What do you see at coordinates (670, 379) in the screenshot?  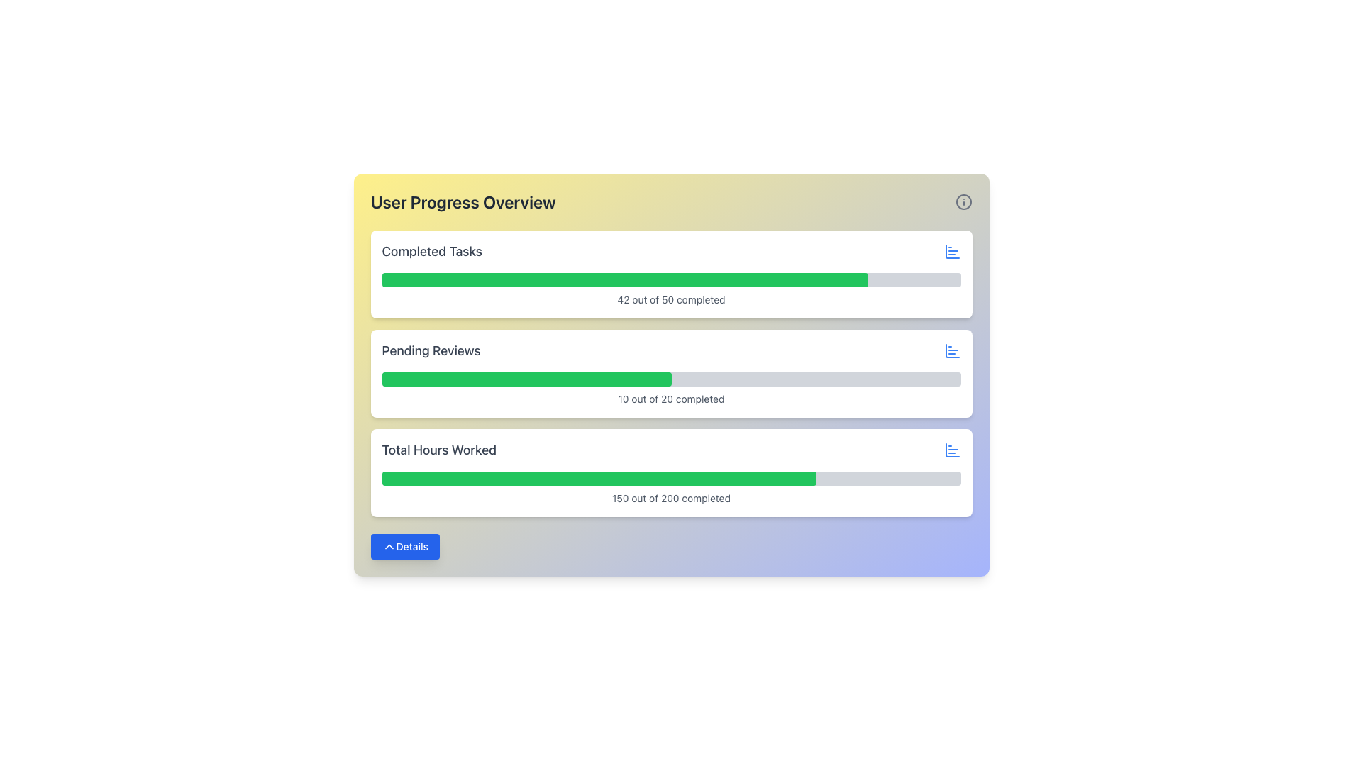 I see `the progress status of the Progress Bar located in the 'Pending Reviews' section, which visually indicates the completion status of tasks` at bounding box center [670, 379].